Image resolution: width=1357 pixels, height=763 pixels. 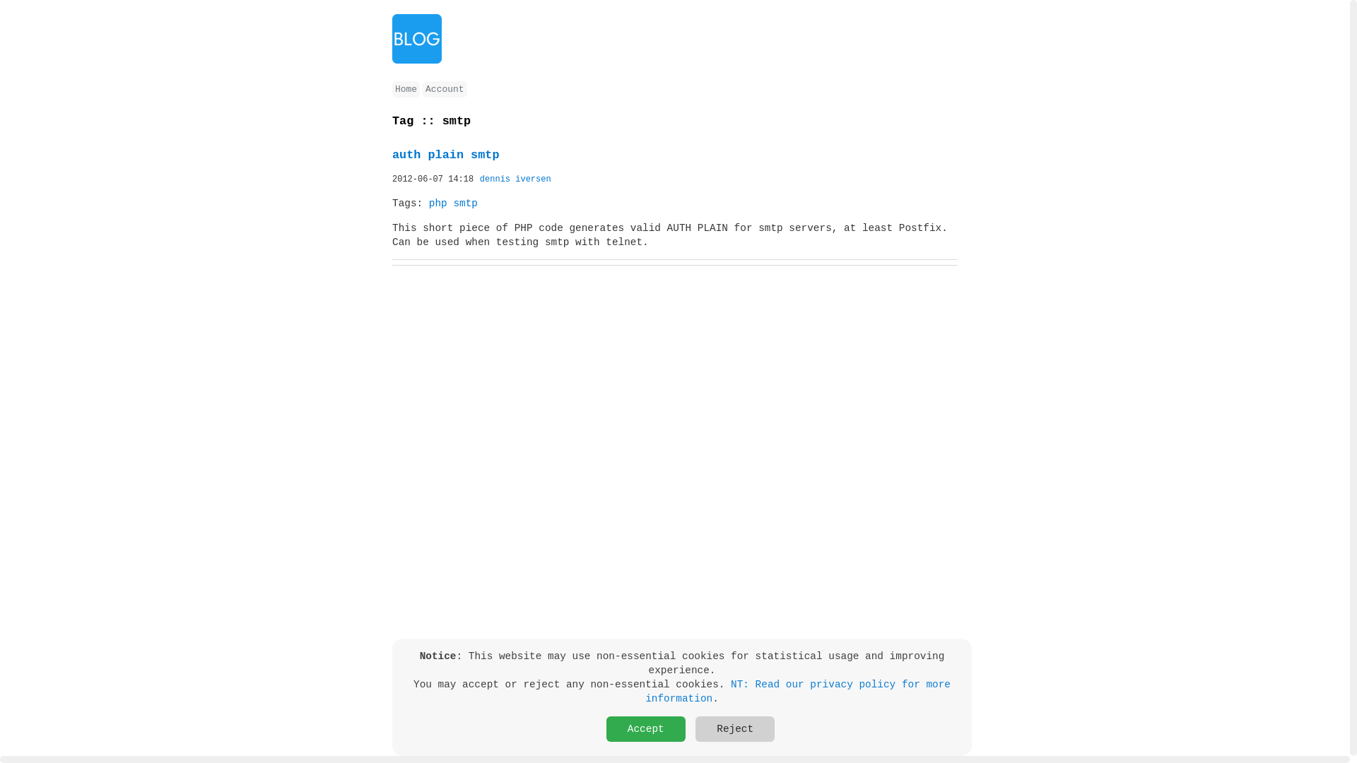 I want to click on 'Home', so click(x=392, y=89).